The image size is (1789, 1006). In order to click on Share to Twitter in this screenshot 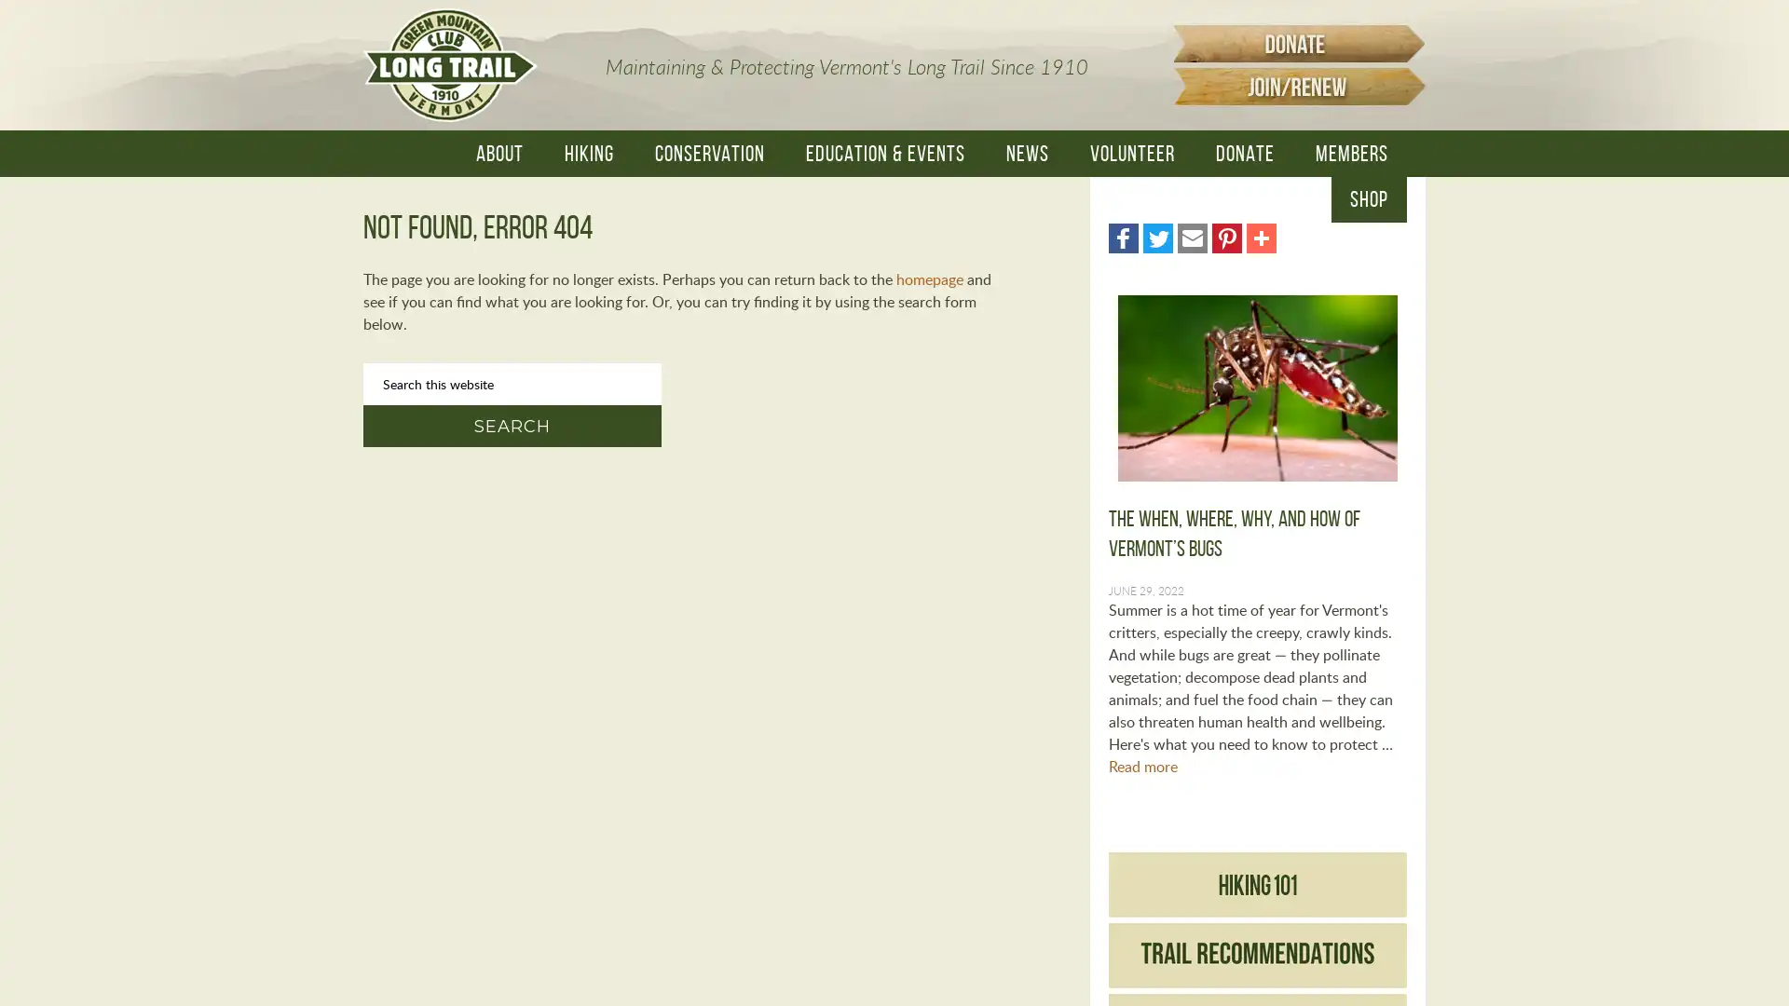, I will do `click(1157, 237)`.